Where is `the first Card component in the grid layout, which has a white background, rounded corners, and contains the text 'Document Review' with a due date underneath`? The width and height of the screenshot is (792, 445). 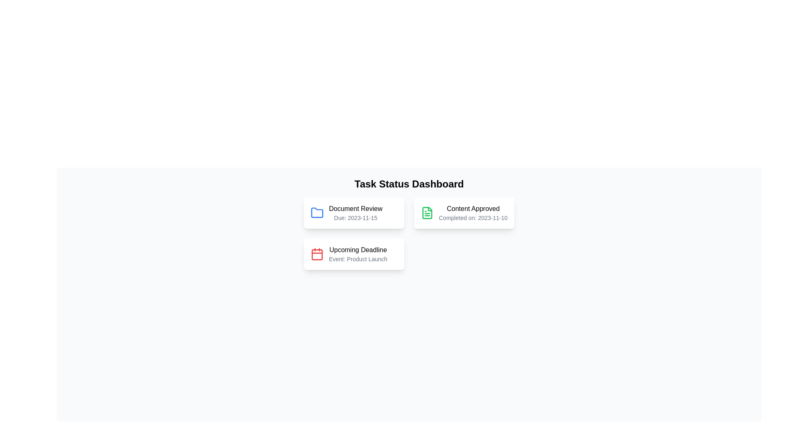 the first Card component in the grid layout, which has a white background, rounded corners, and contains the text 'Document Review' with a due date underneath is located at coordinates (354, 212).